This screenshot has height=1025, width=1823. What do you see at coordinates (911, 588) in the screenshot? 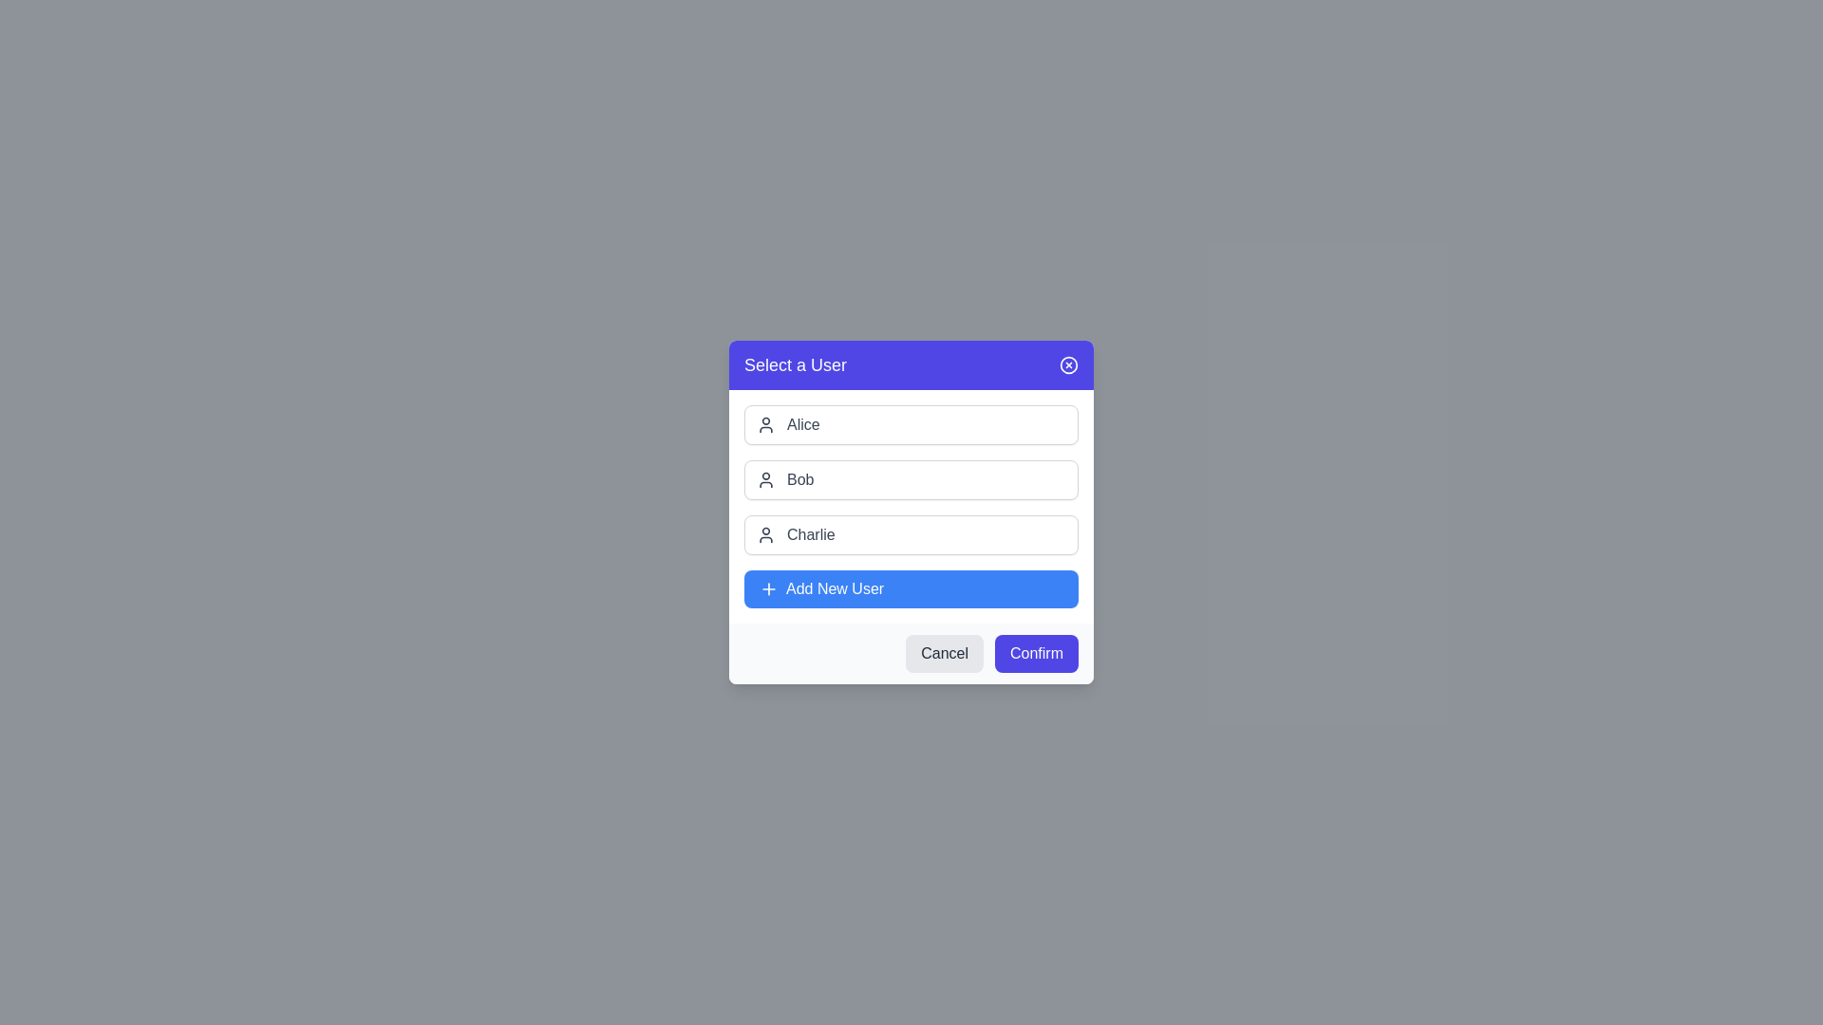
I see `the rectangular button with a blue background labeled 'Add New User'` at bounding box center [911, 588].